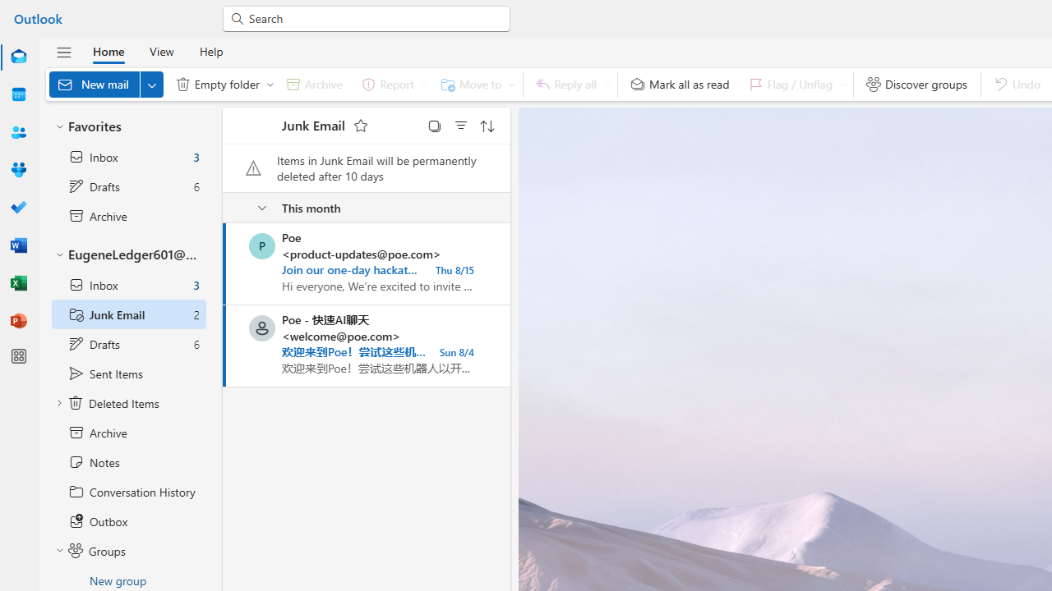 The width and height of the screenshot is (1052, 591). What do you see at coordinates (19, 245) in the screenshot?
I see `'Word'` at bounding box center [19, 245].